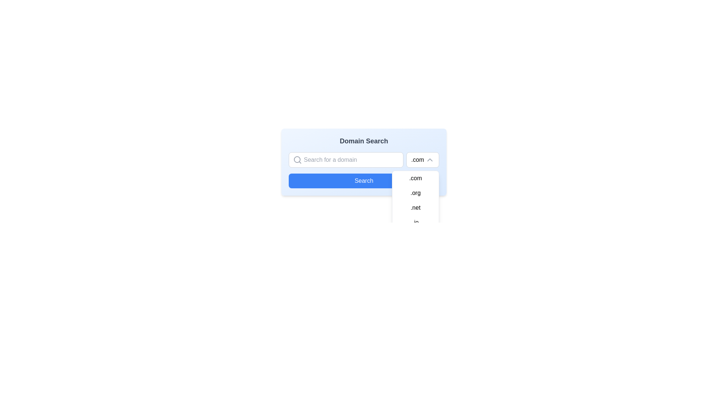 Image resolution: width=708 pixels, height=398 pixels. Describe the element at coordinates (297, 160) in the screenshot. I see `the magnifying glass icon representing the search functionality, which is located to the left of the text input box with the placeholder 'Search for a domain'` at that location.